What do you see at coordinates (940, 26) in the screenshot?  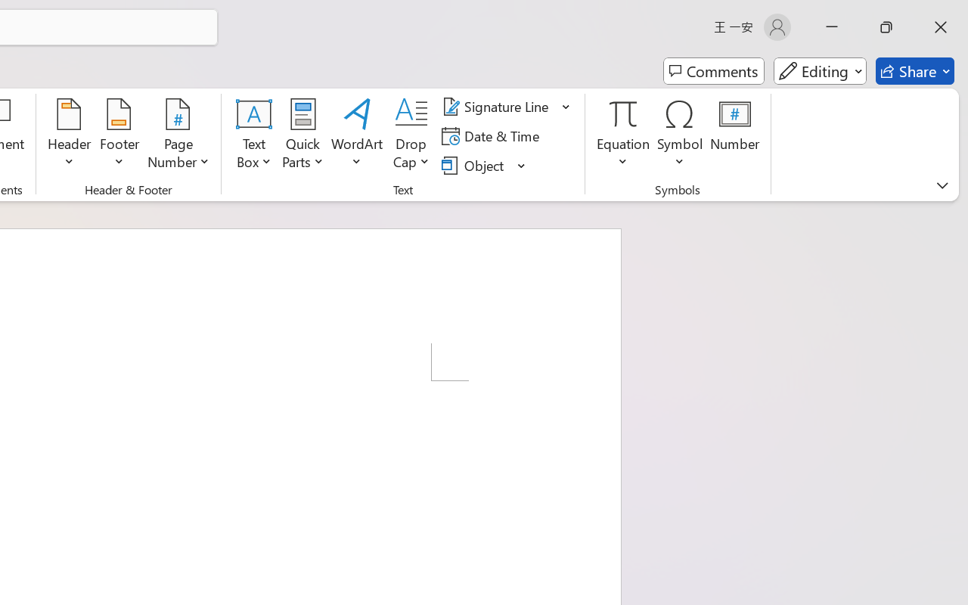 I see `'Close'` at bounding box center [940, 26].